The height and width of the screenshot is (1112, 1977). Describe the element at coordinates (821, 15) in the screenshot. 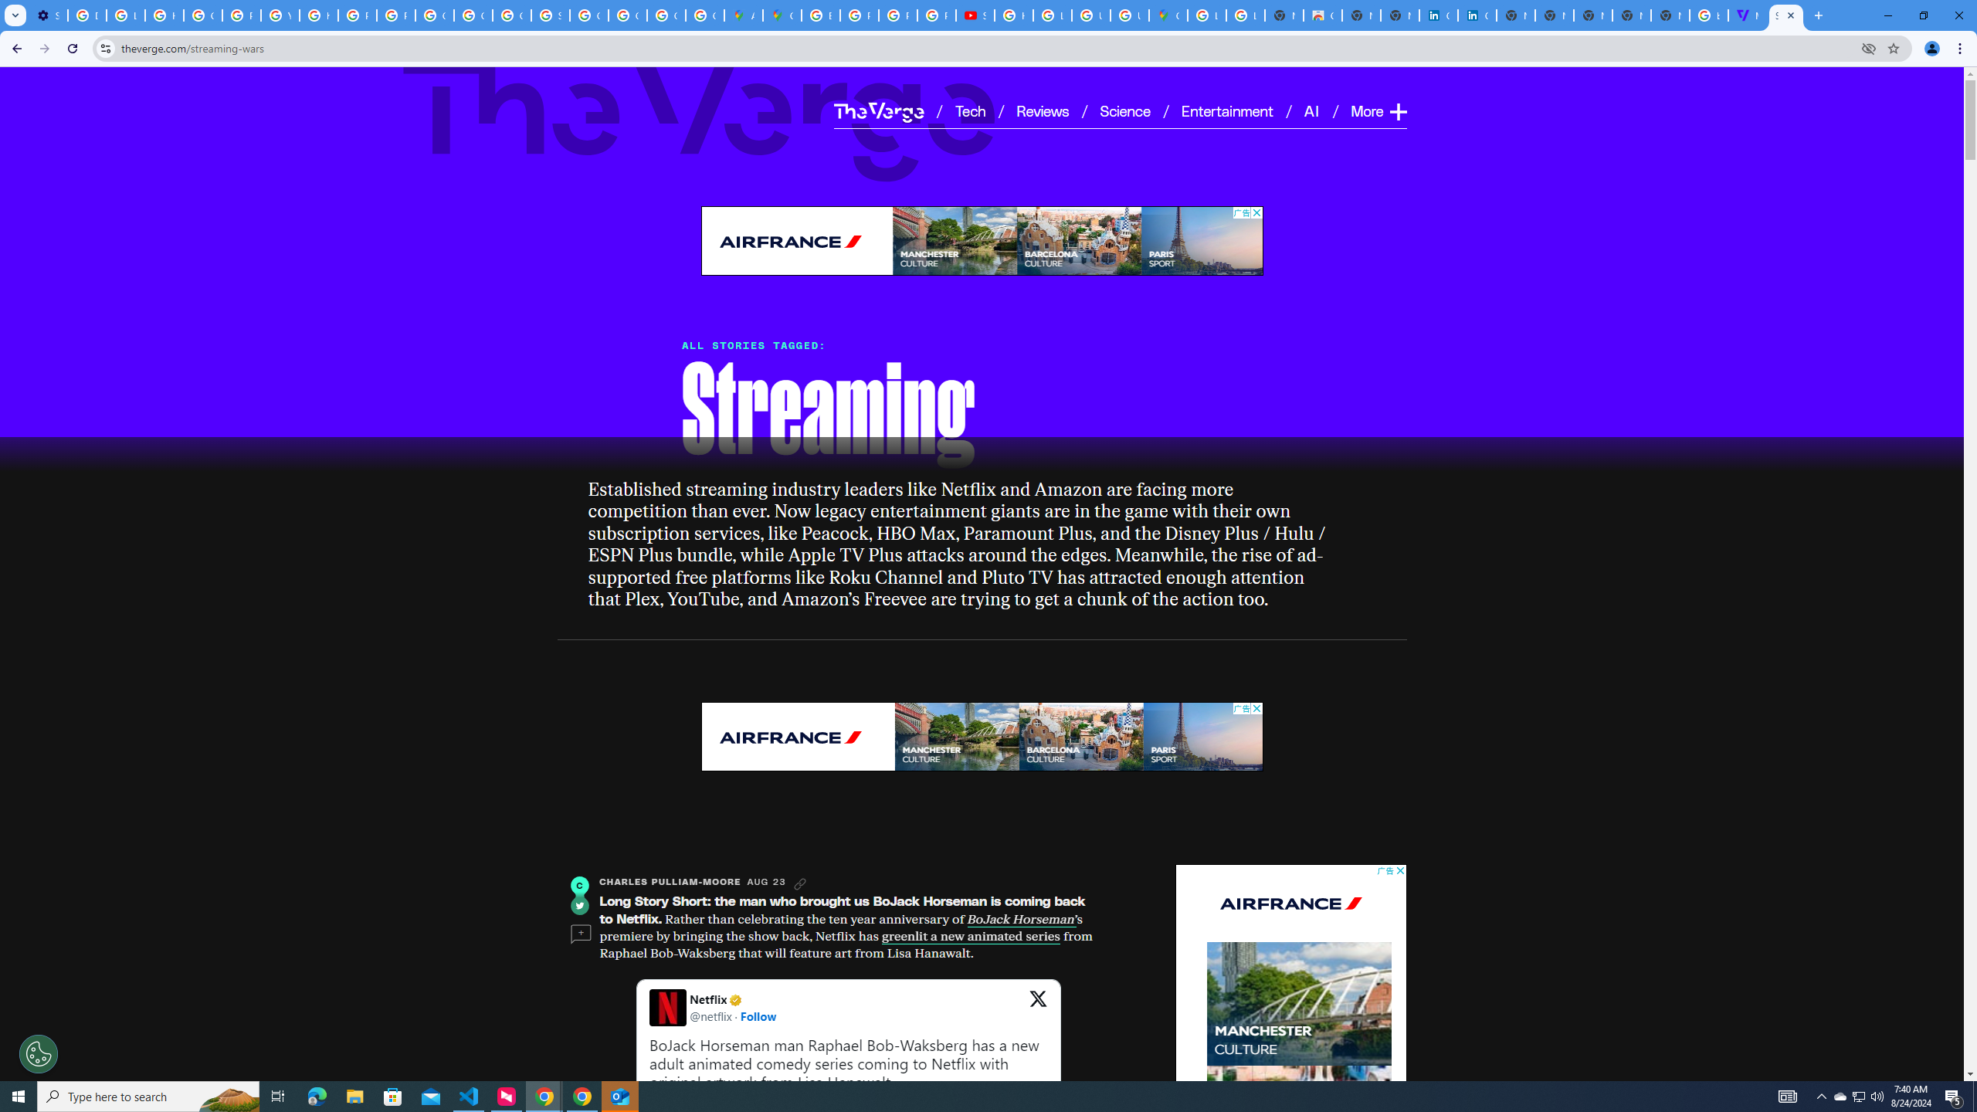

I see `'Blogger Policies and Guidelines - Transparency Center'` at that location.